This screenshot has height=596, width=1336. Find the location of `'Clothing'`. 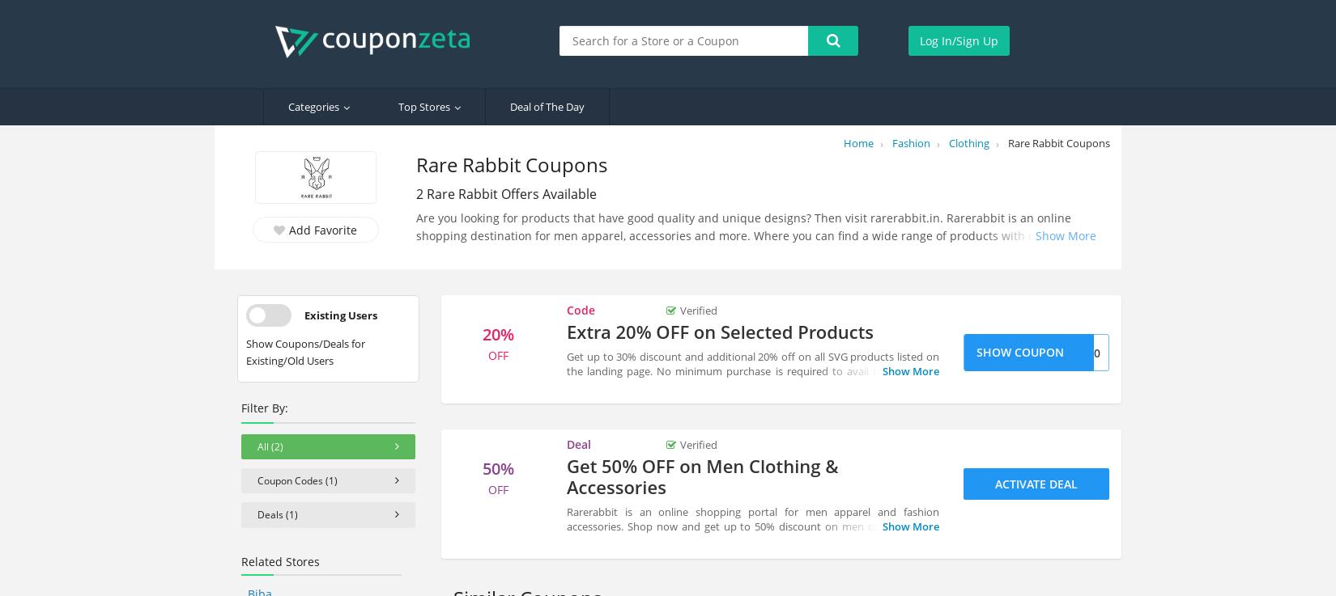

'Clothing' is located at coordinates (969, 142).